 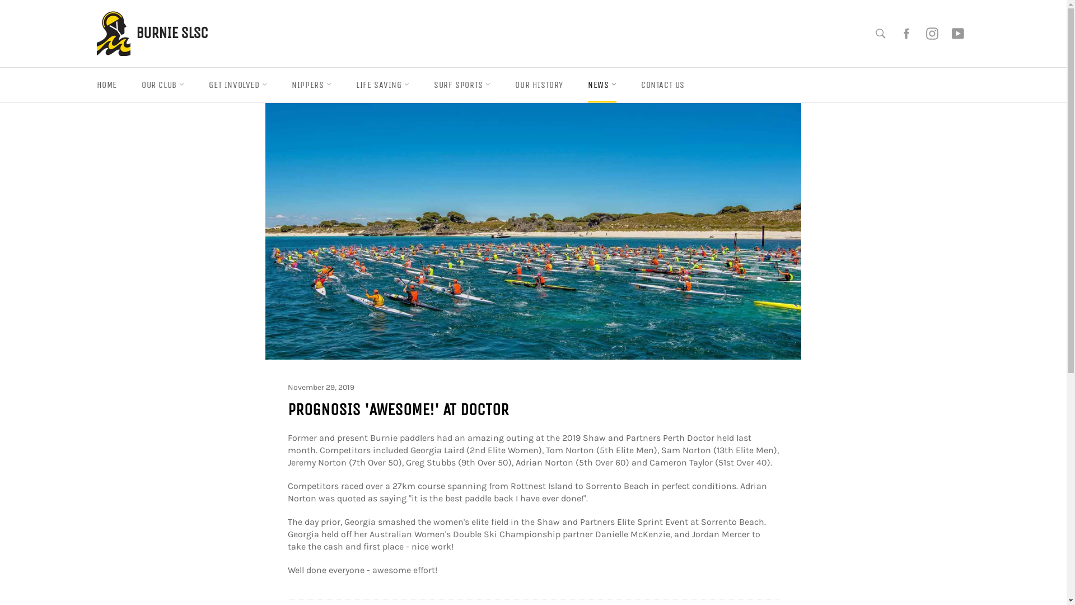 I want to click on 'GET INVOLVED', so click(x=198, y=84).